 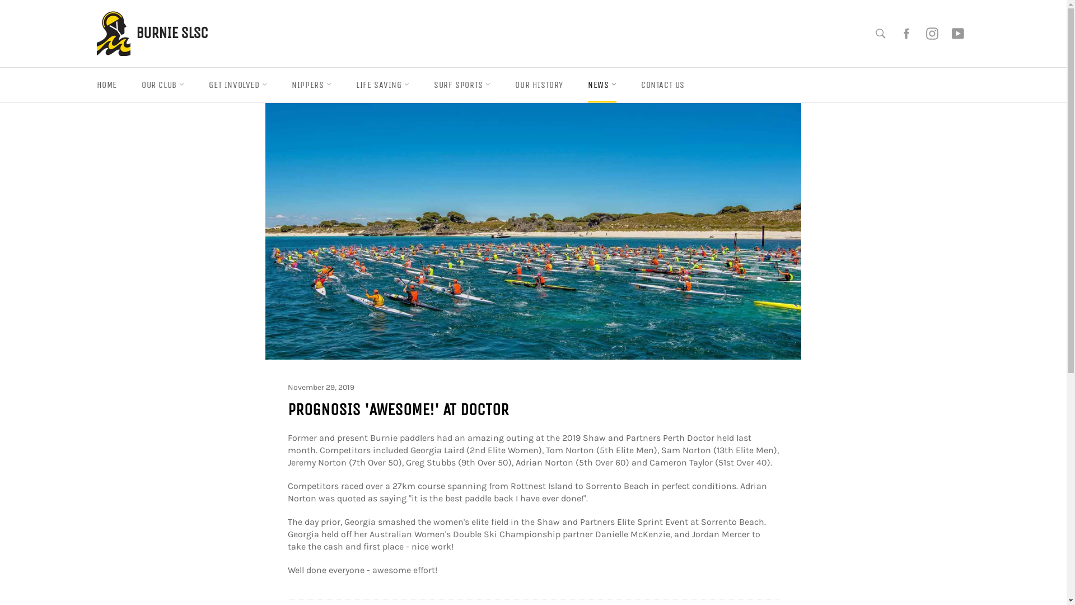 I want to click on 'GET INVOLVED', so click(x=198, y=84).